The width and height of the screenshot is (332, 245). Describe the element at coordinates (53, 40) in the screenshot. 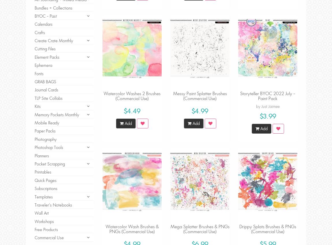

I see `'Create Crate Monthly'` at that location.